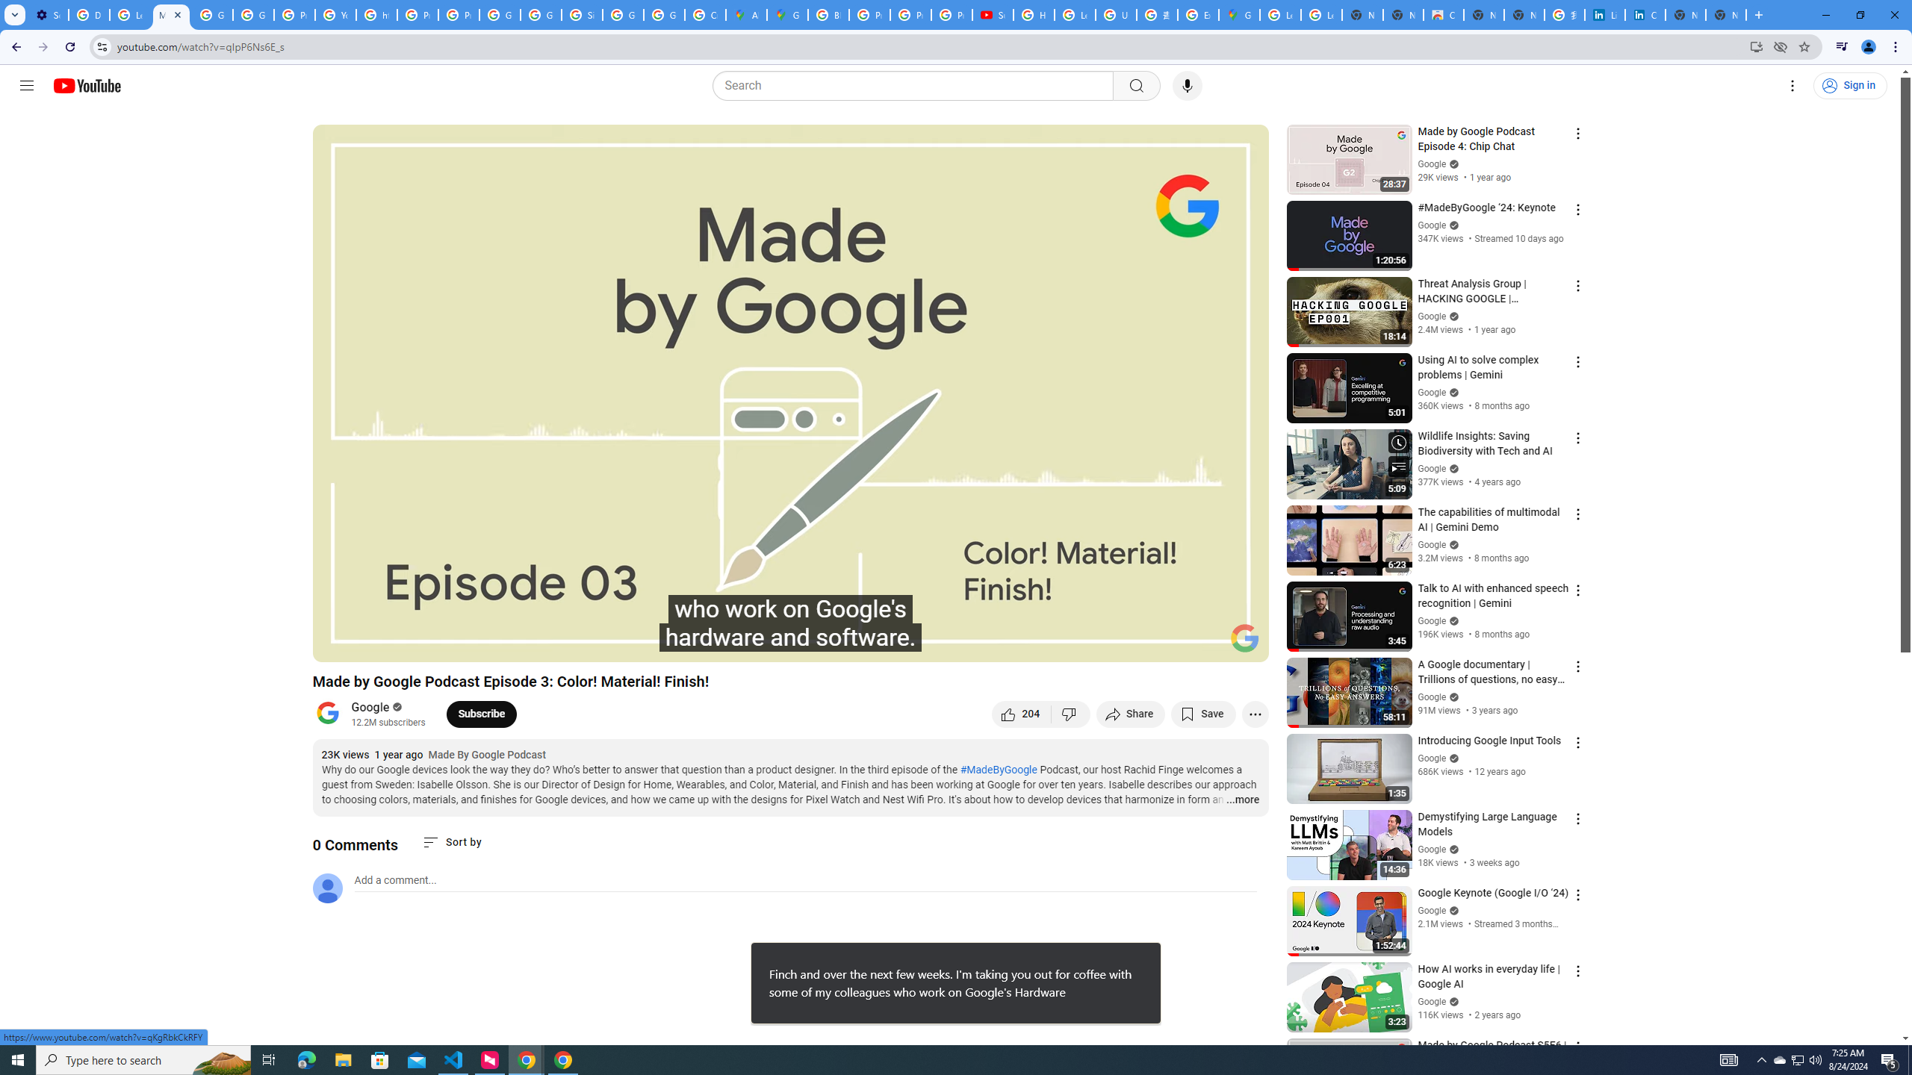  What do you see at coordinates (1726, 14) in the screenshot?
I see `'New Tab'` at bounding box center [1726, 14].